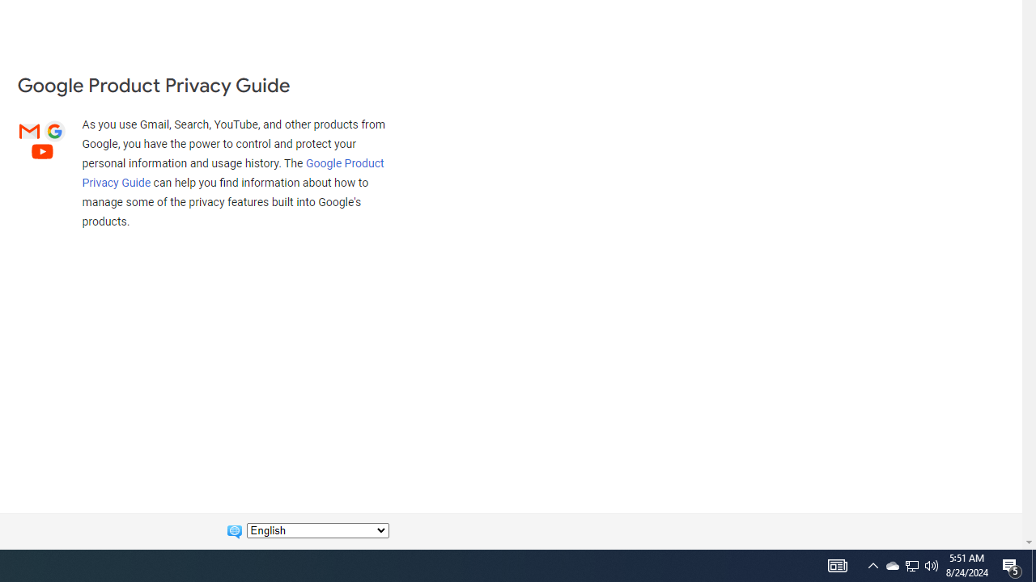 The width and height of the screenshot is (1036, 582). What do you see at coordinates (232, 172) in the screenshot?
I see `'Google Product Privacy Guide'` at bounding box center [232, 172].